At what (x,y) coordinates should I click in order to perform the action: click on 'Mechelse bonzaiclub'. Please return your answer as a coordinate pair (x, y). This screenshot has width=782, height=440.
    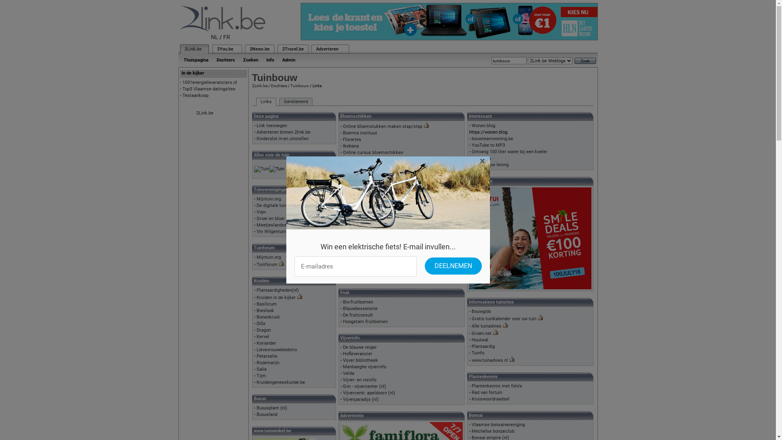
    Looking at the image, I should click on (492, 431).